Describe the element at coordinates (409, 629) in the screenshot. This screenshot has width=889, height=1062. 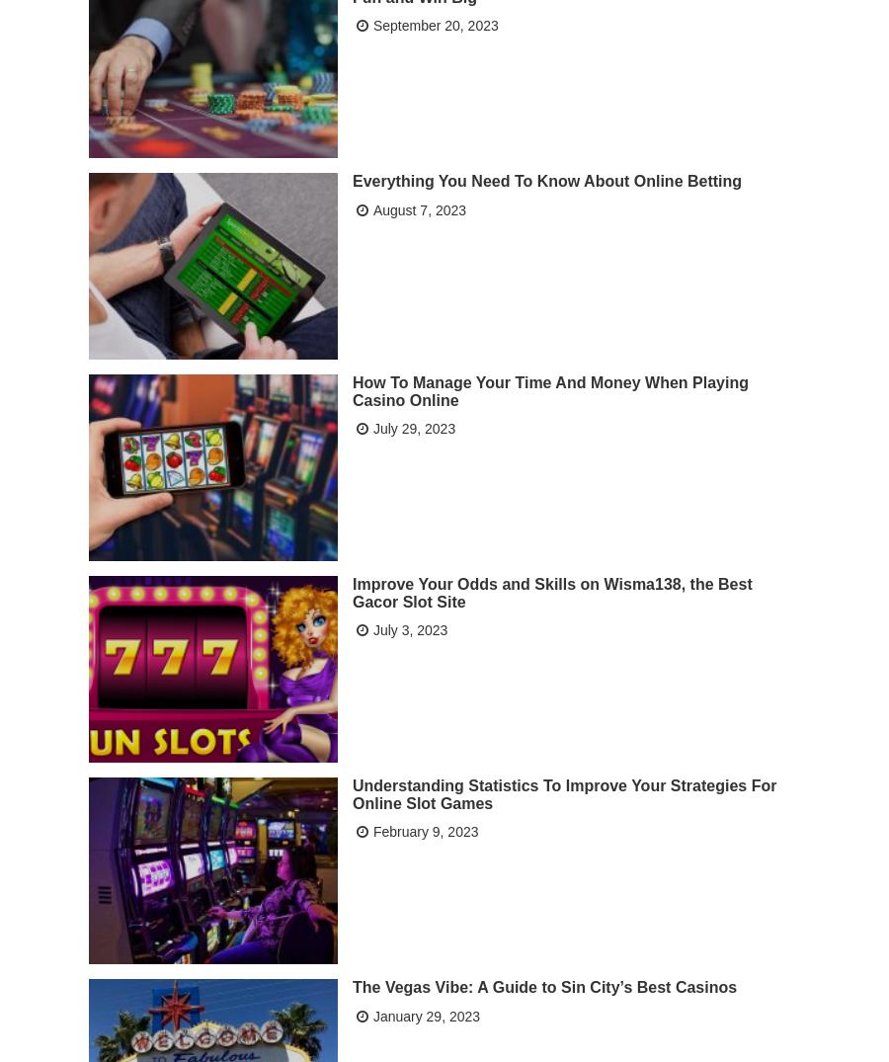
I see `'July 3, 2023'` at that location.